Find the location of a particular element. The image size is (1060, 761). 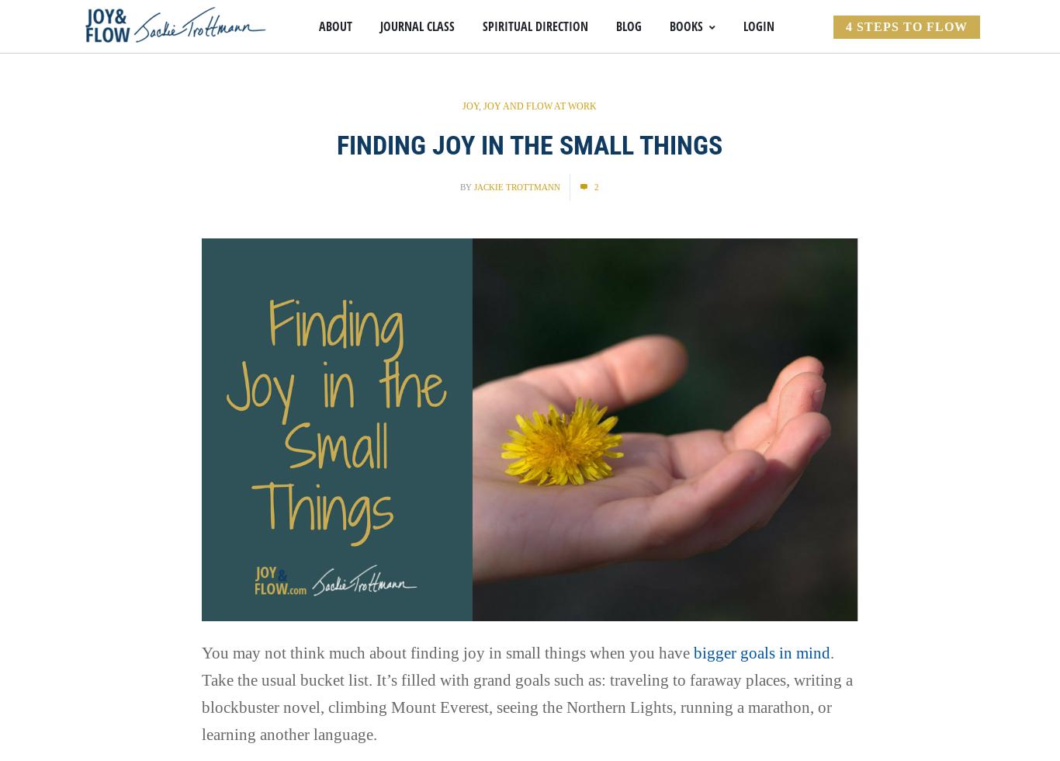

'Books' is located at coordinates (685, 26).